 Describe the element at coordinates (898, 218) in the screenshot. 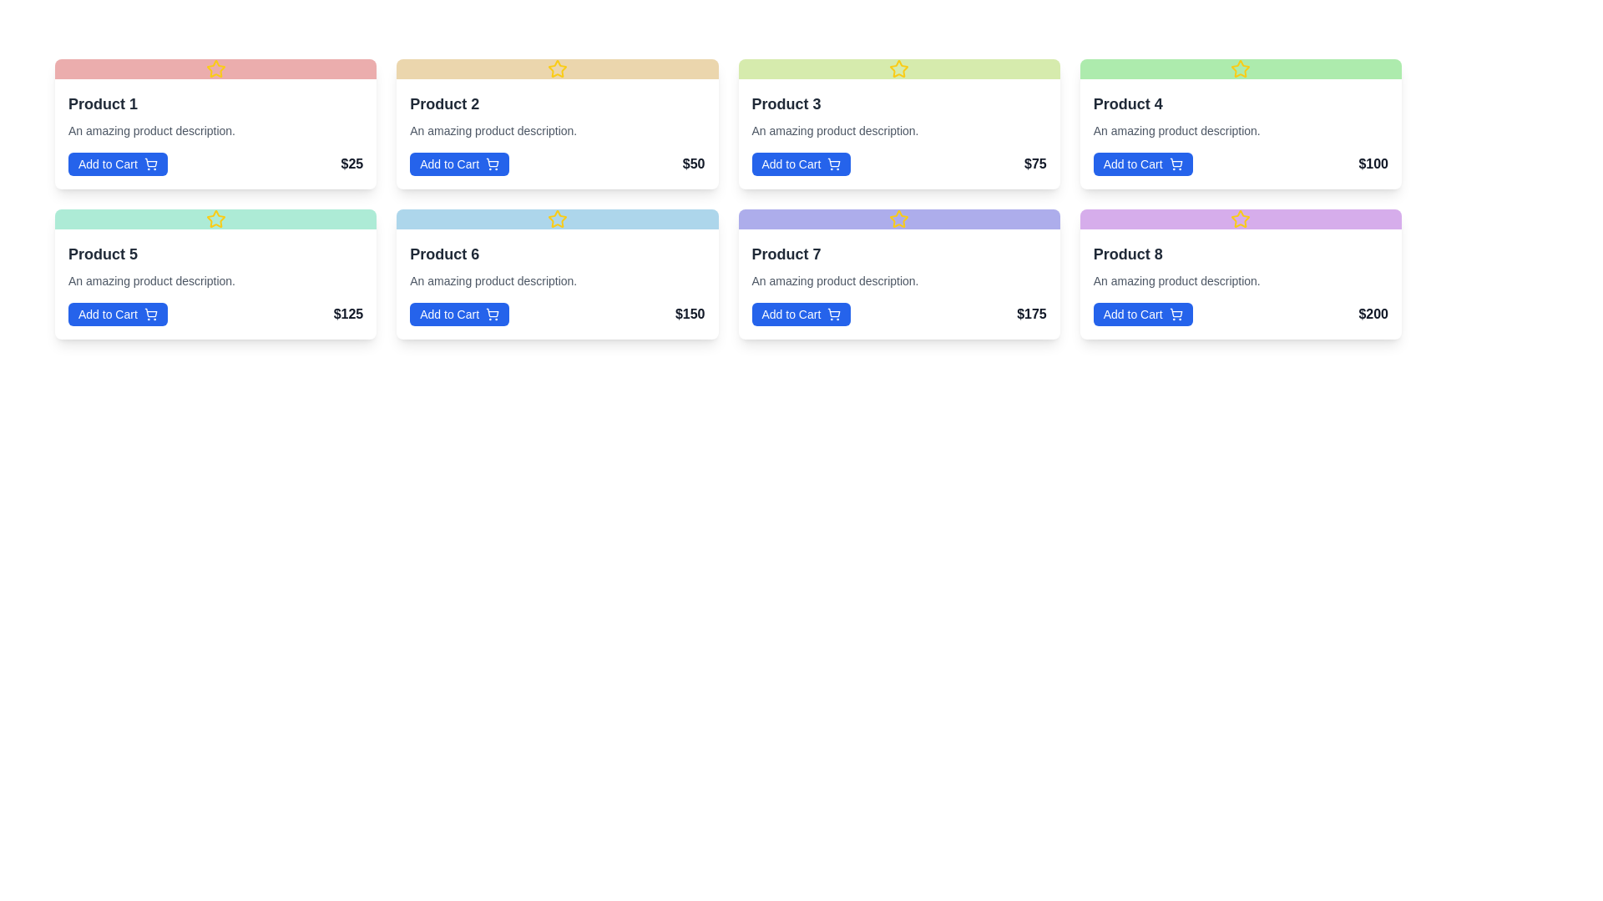

I see `the yellow-colored star icon with a circular outline located at the top center of the card labeled 'Product 7' to interact` at that location.